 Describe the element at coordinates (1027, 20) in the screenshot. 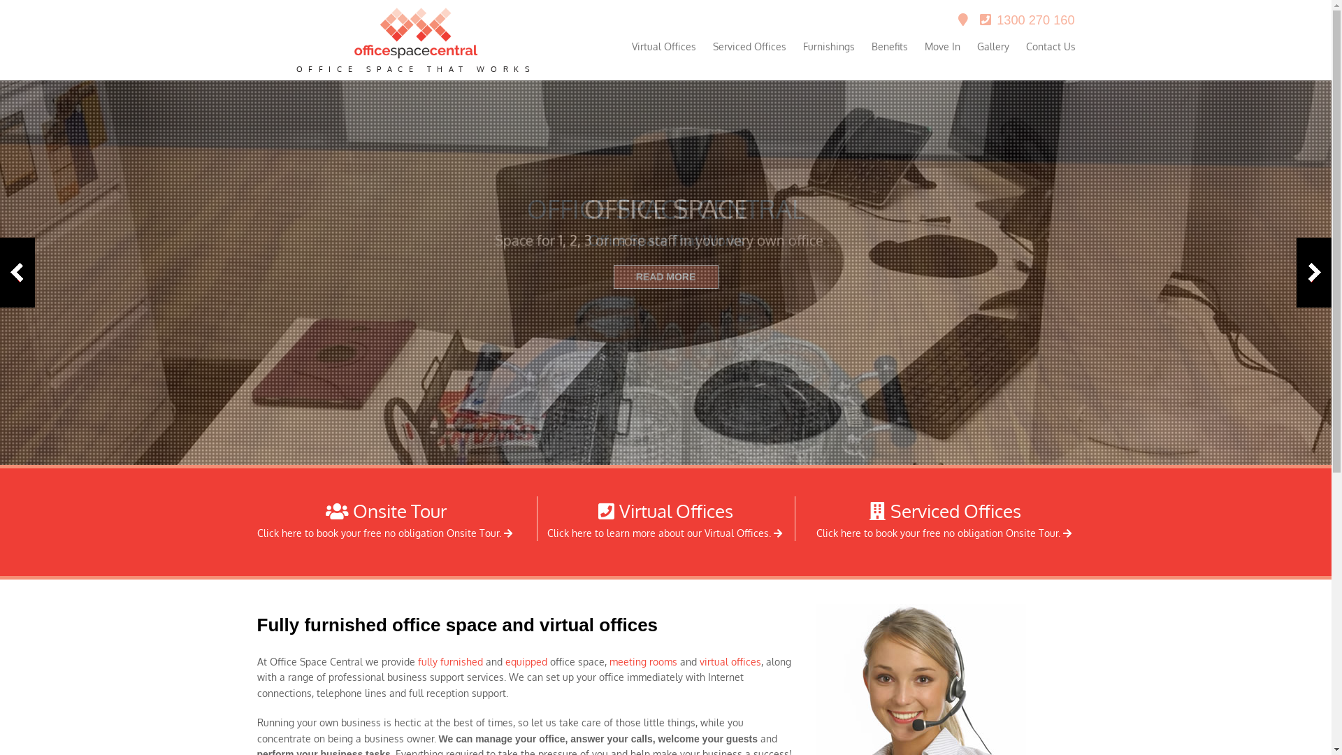

I see `'  1300 270 160'` at that location.